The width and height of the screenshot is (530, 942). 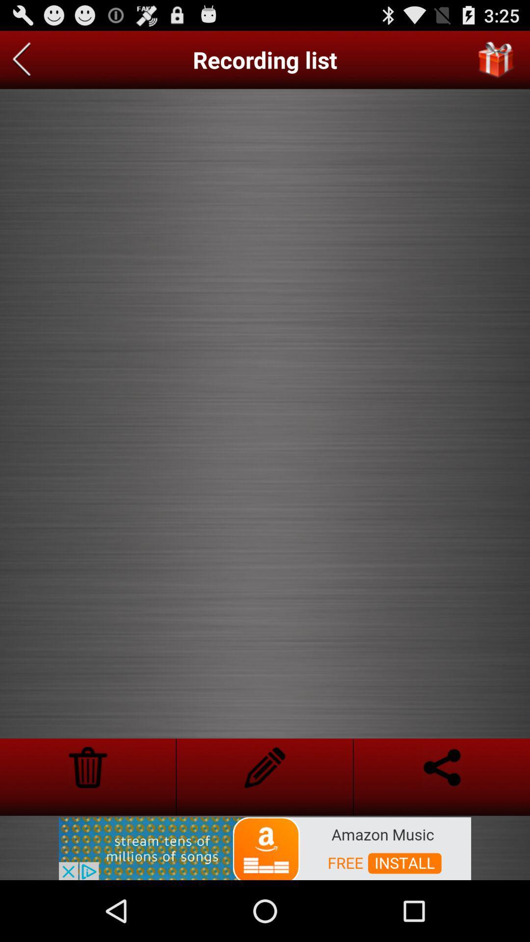 What do you see at coordinates (265, 847) in the screenshot?
I see `advertisement` at bounding box center [265, 847].